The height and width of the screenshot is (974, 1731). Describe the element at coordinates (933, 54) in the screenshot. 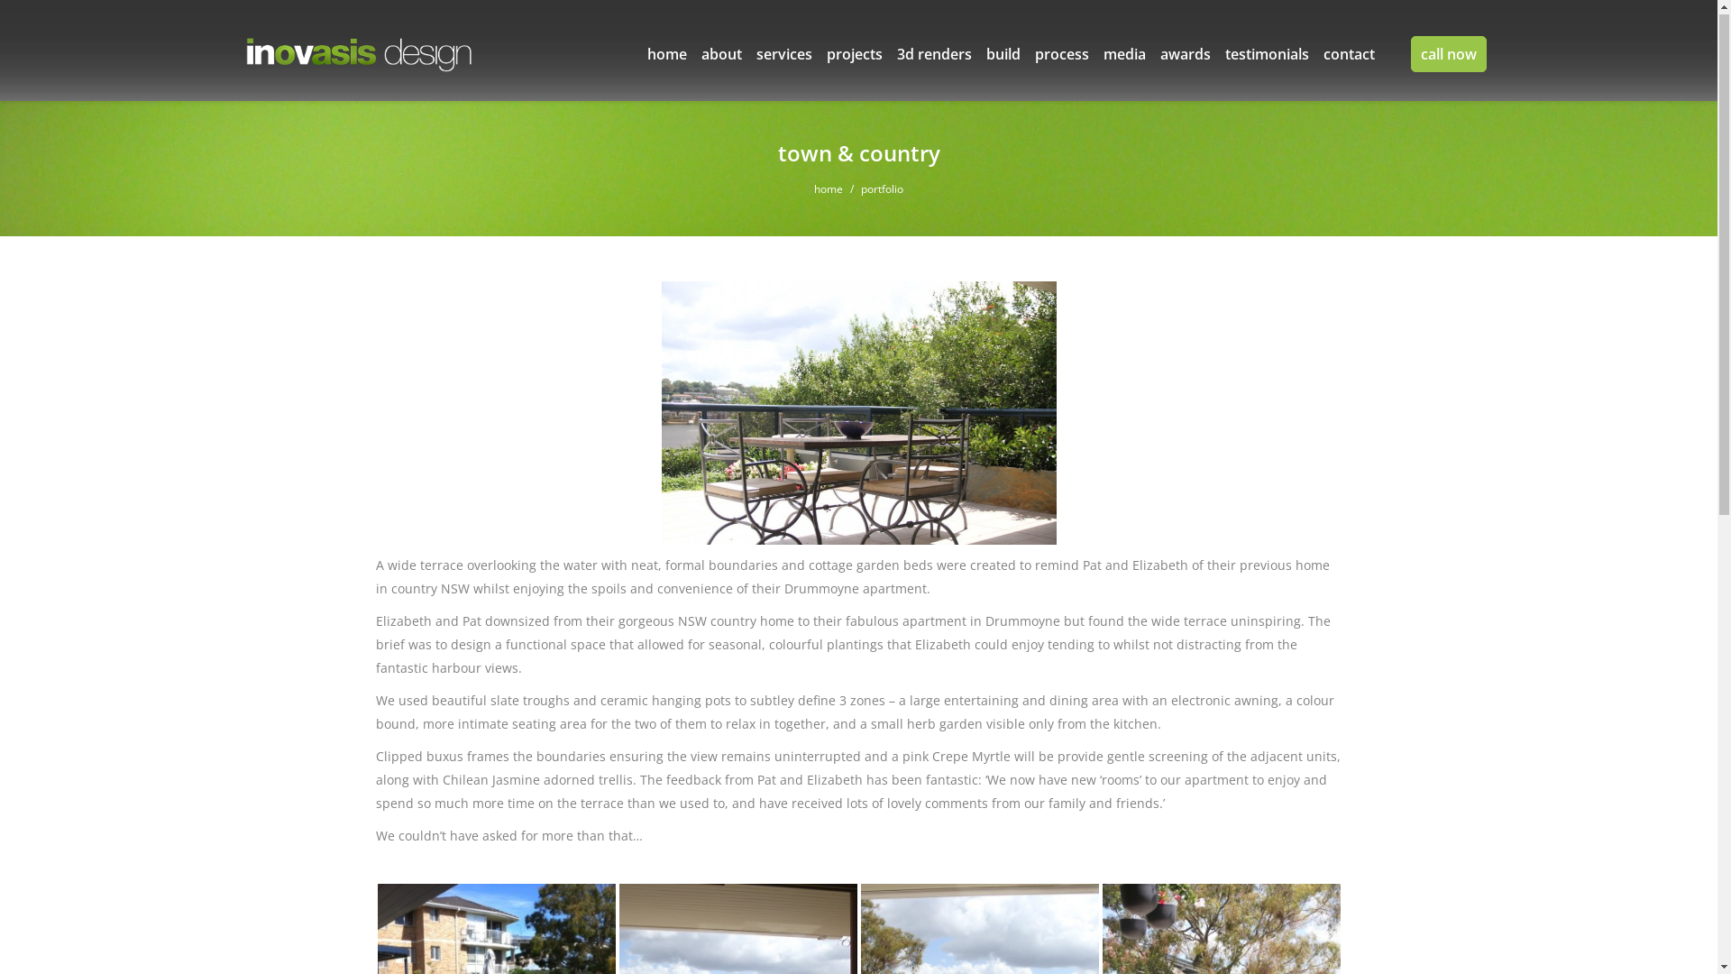

I see `'3d renders'` at that location.